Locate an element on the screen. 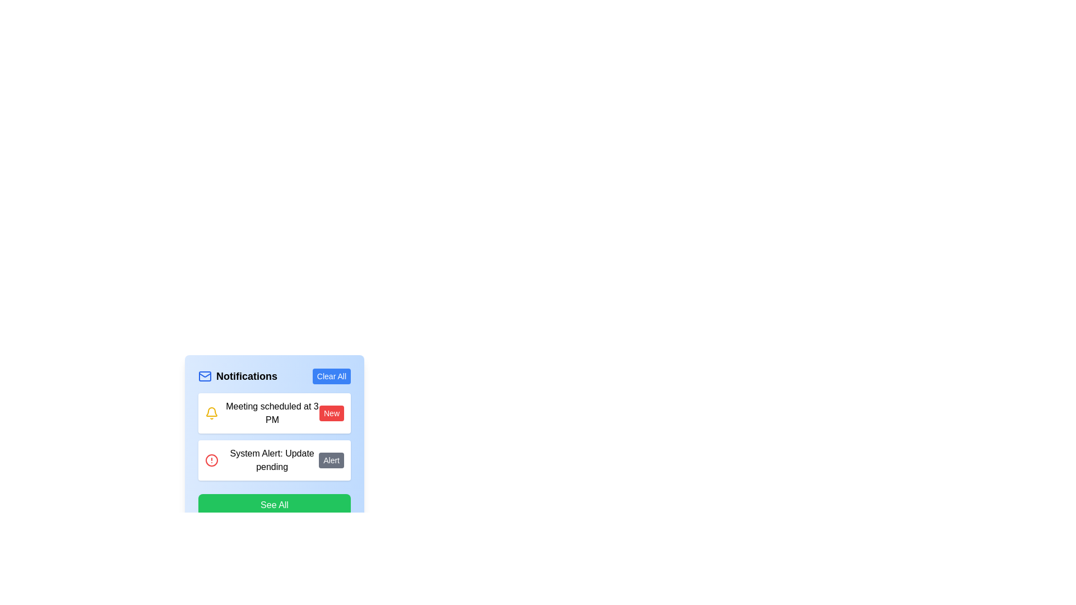 This screenshot has width=1076, height=605. the text display that informs the user about a pending system update, which is located in the second row of notifications, between 'Meeting scheduled at 3 PM' and 'See All' is located at coordinates (272, 460).